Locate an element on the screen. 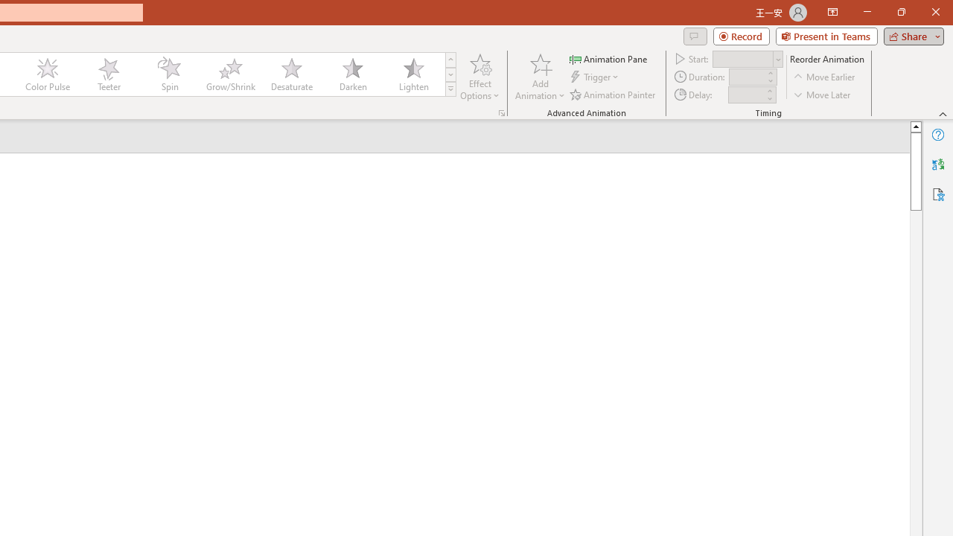 The width and height of the screenshot is (953, 536). 'Collapse the Ribbon' is located at coordinates (943, 113).